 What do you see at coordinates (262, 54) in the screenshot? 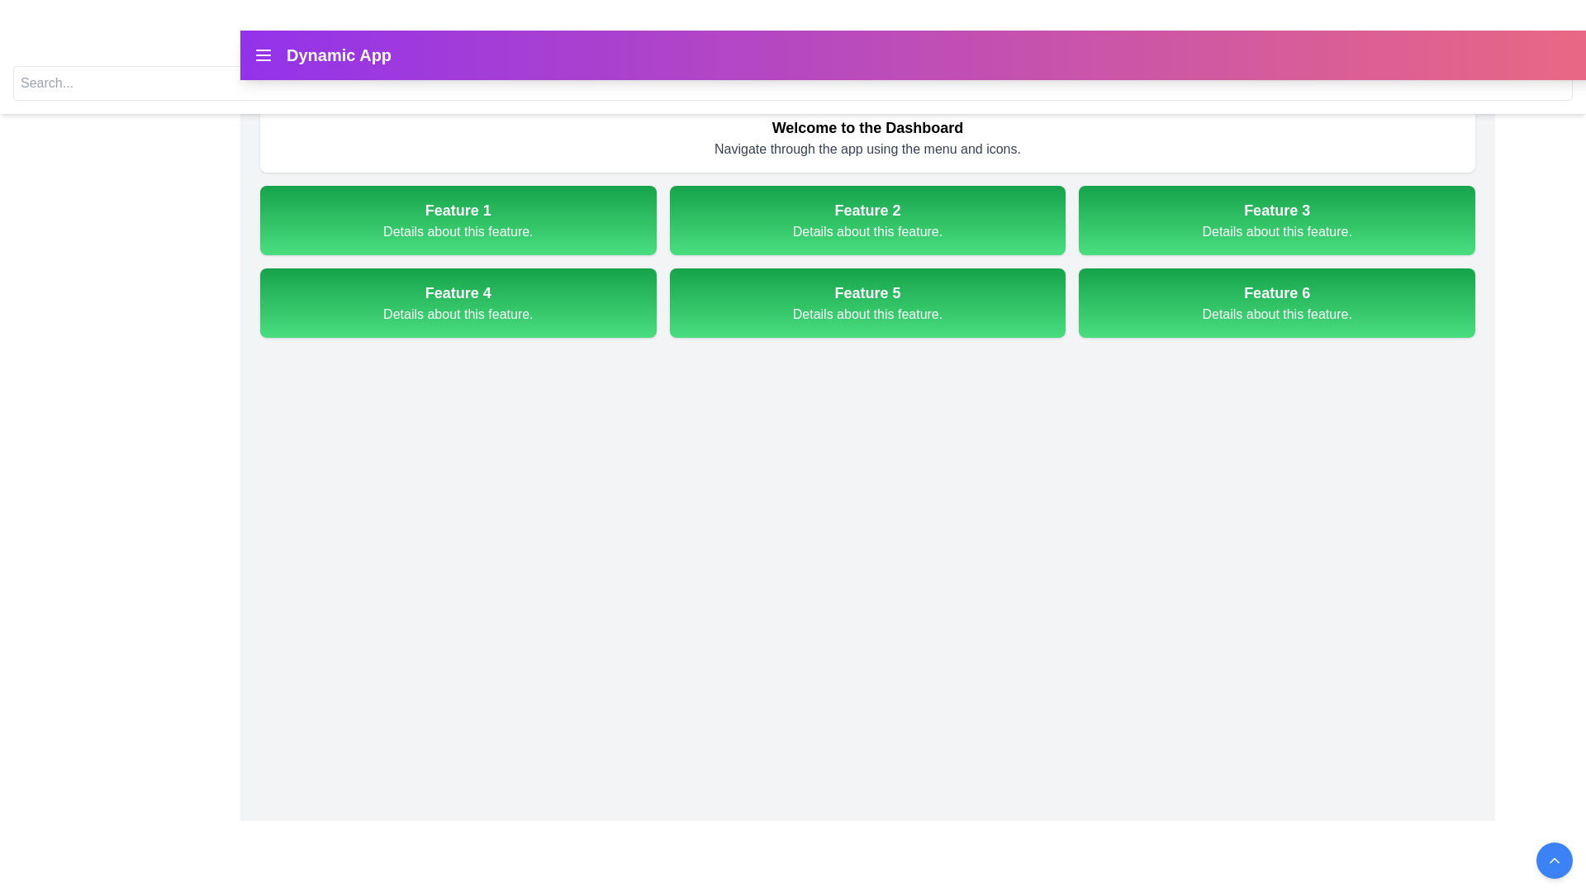
I see `the menu icon, which is a triple-lined icon with a white foreground and purple background, located in the top header bar to the left of 'Dynamic App'` at bounding box center [262, 54].